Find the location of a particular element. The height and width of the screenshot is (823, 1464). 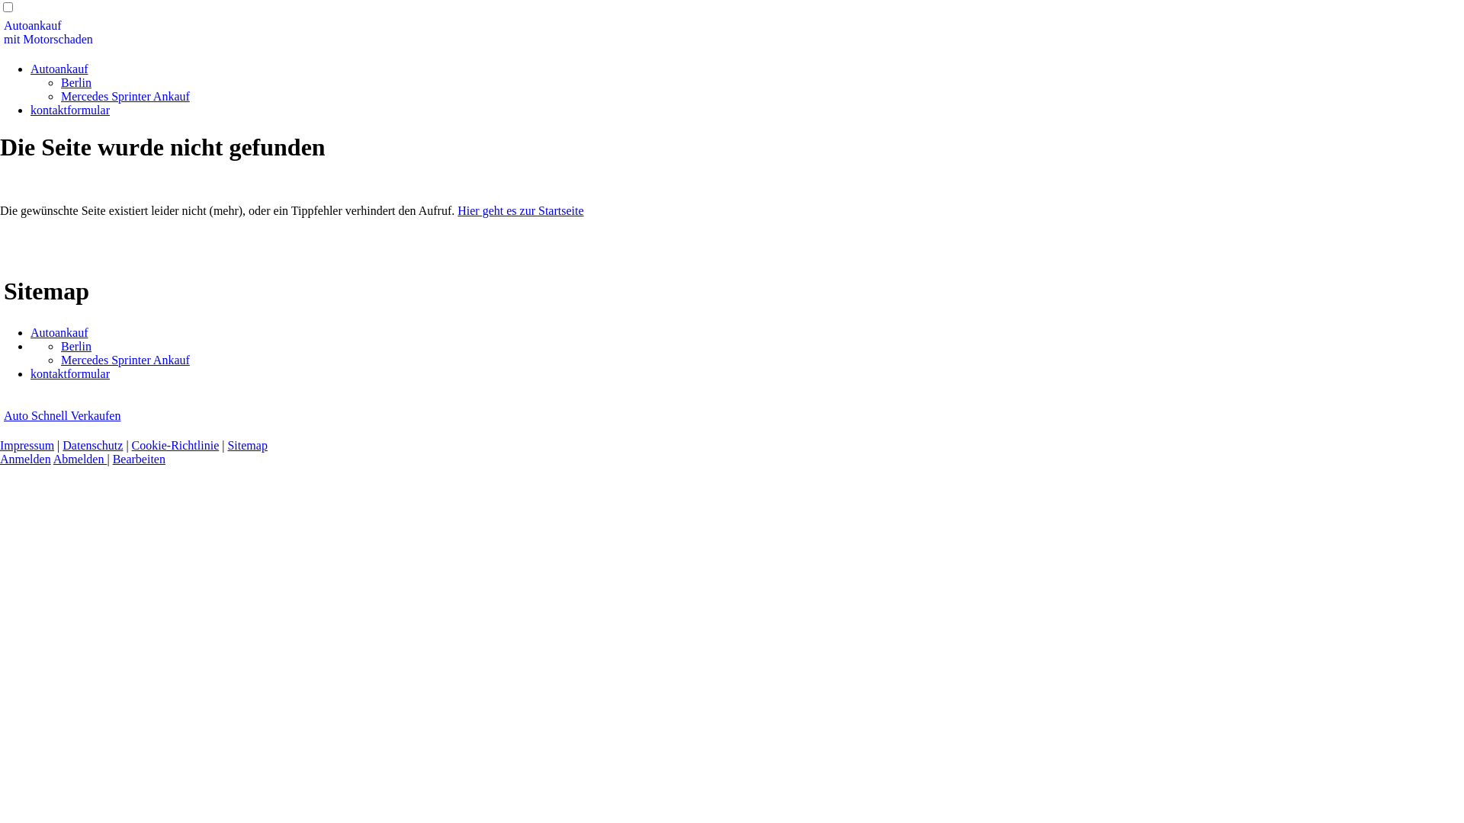

'Cookie-Richtlinie' is located at coordinates (131, 445).